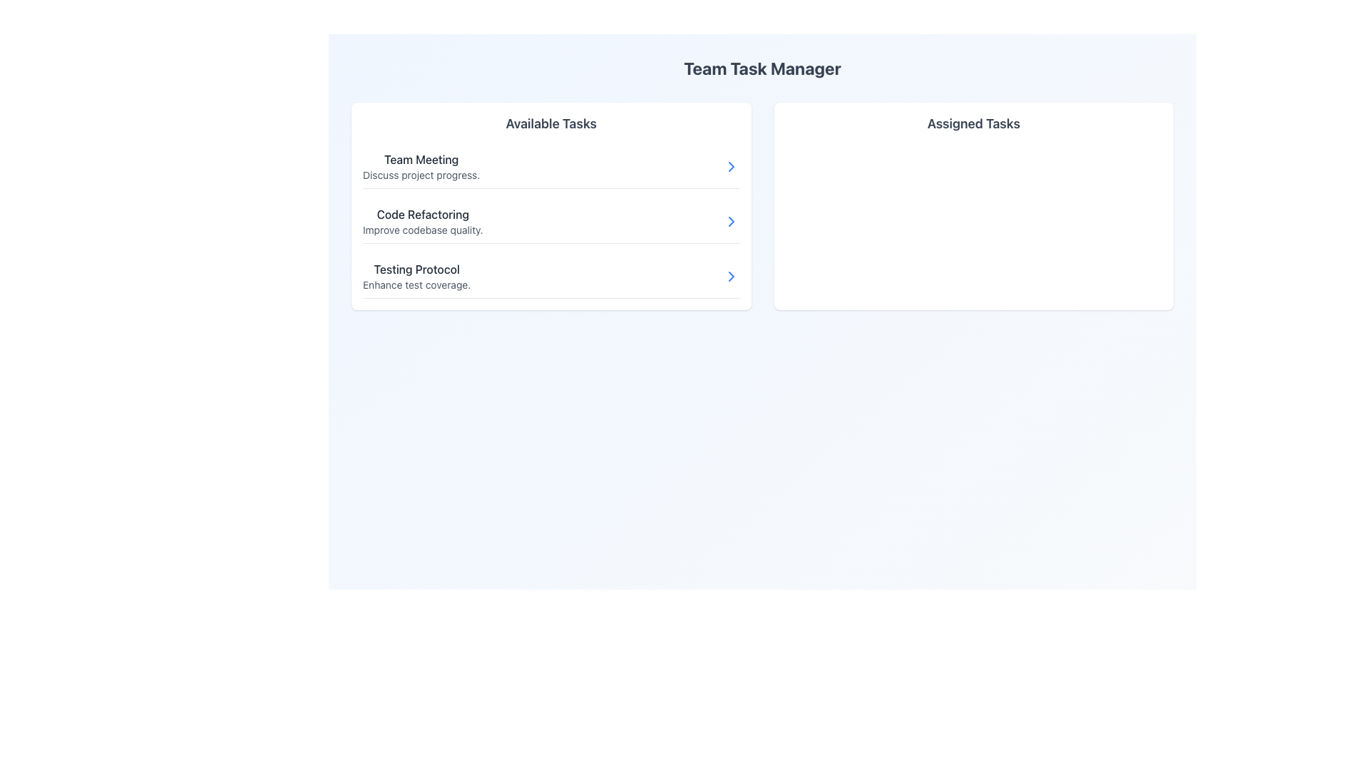  What do you see at coordinates (762, 68) in the screenshot?
I see `the 'Team Task Manager' header text which is displayed in bold and large font at the top of the main content area` at bounding box center [762, 68].